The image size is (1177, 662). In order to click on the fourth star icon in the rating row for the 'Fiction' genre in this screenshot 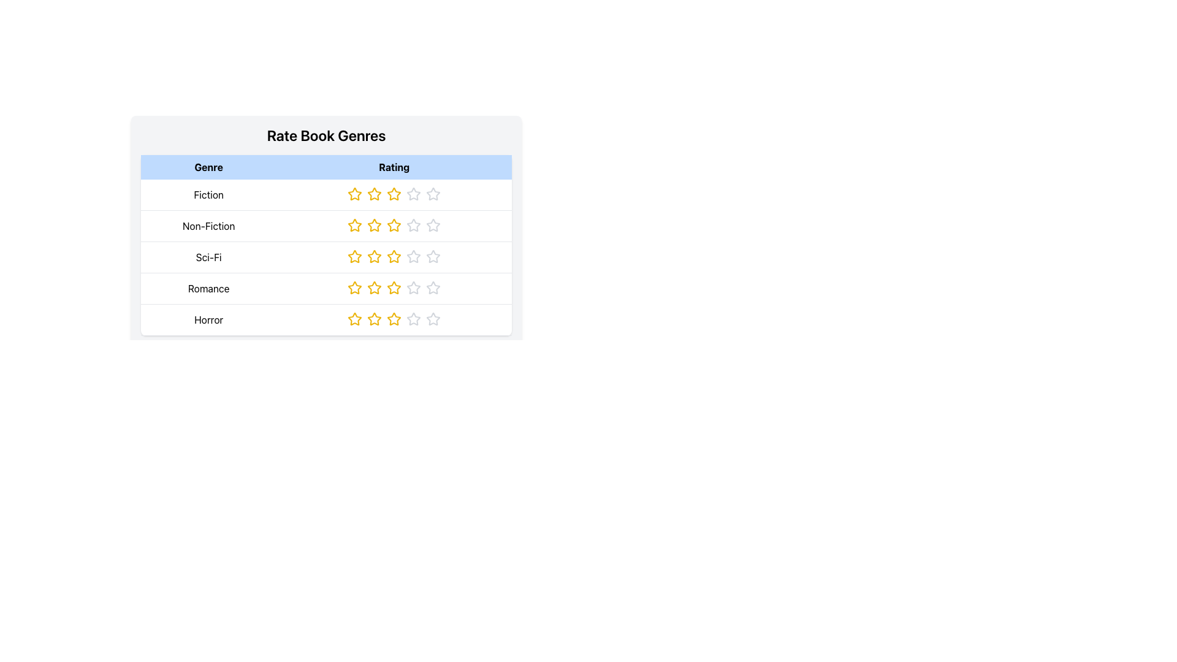, I will do `click(433, 193)`.